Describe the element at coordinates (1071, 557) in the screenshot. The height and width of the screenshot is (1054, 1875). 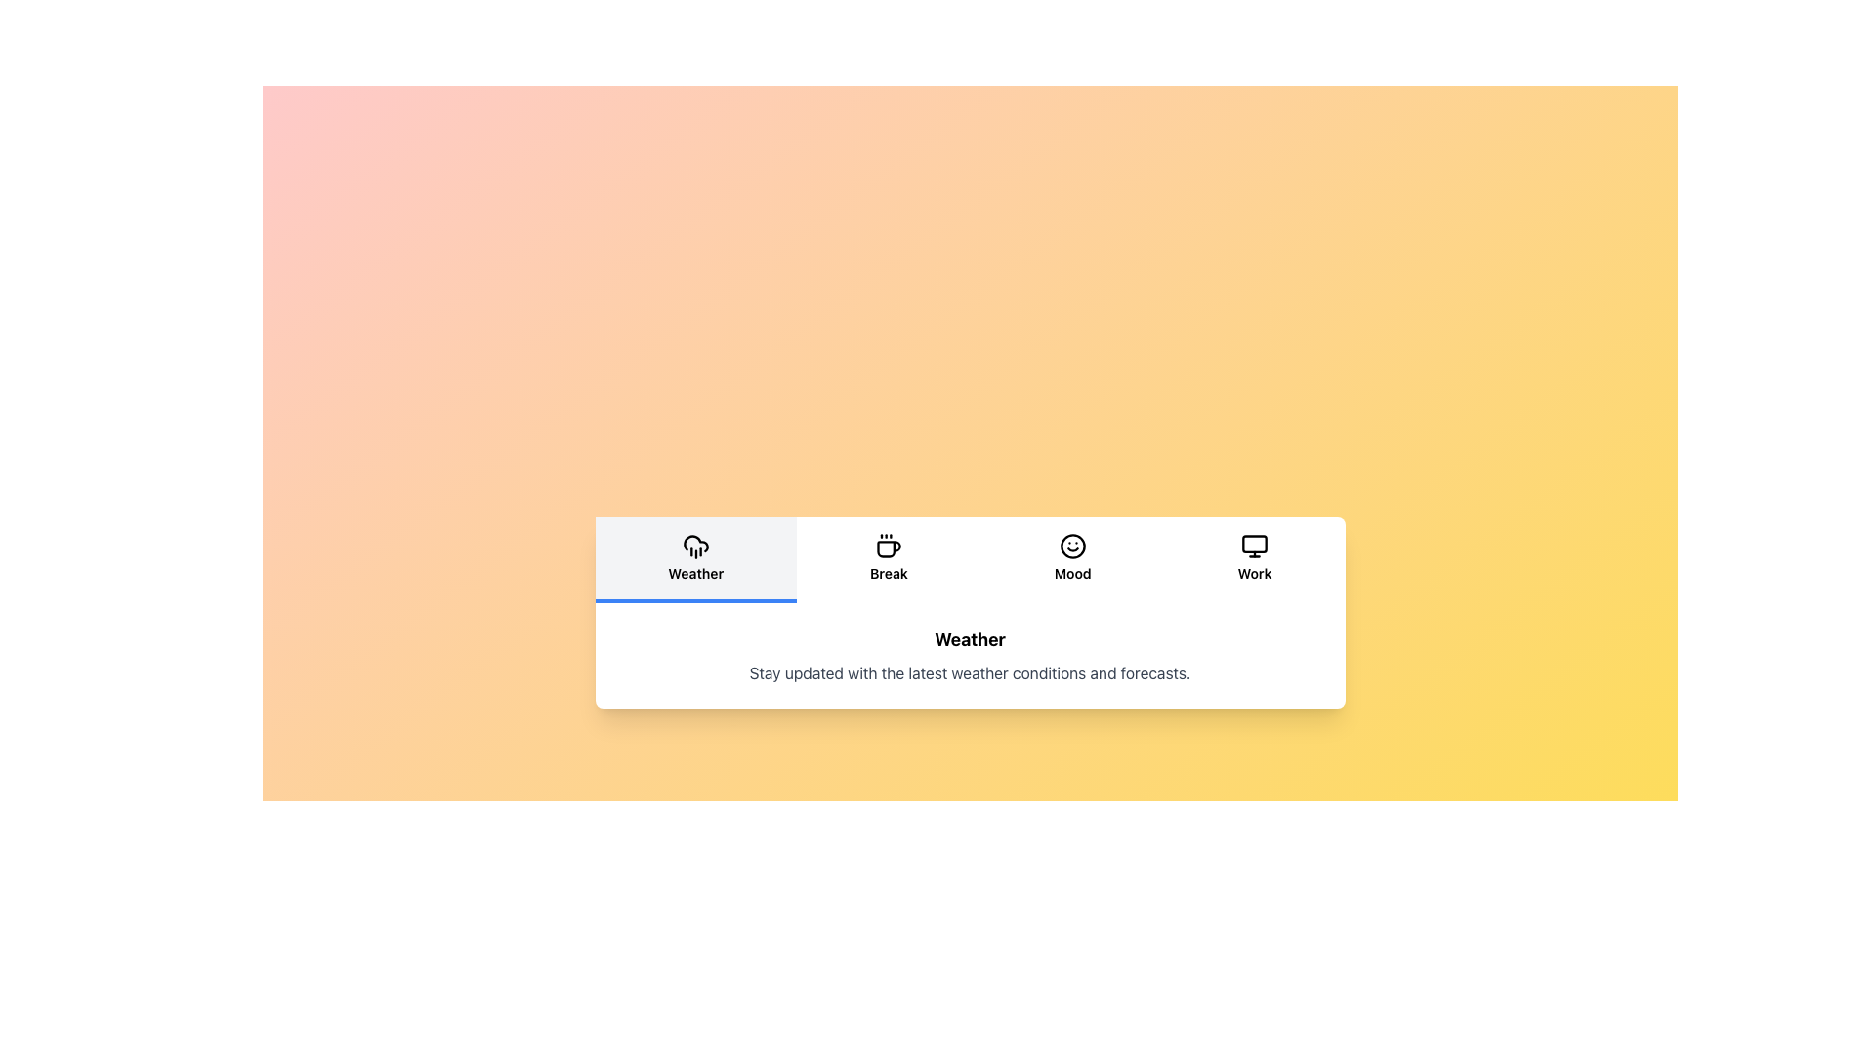
I see `the third menu item in the horizontal menu bar, located between the 'Break' and 'Work' options` at that location.